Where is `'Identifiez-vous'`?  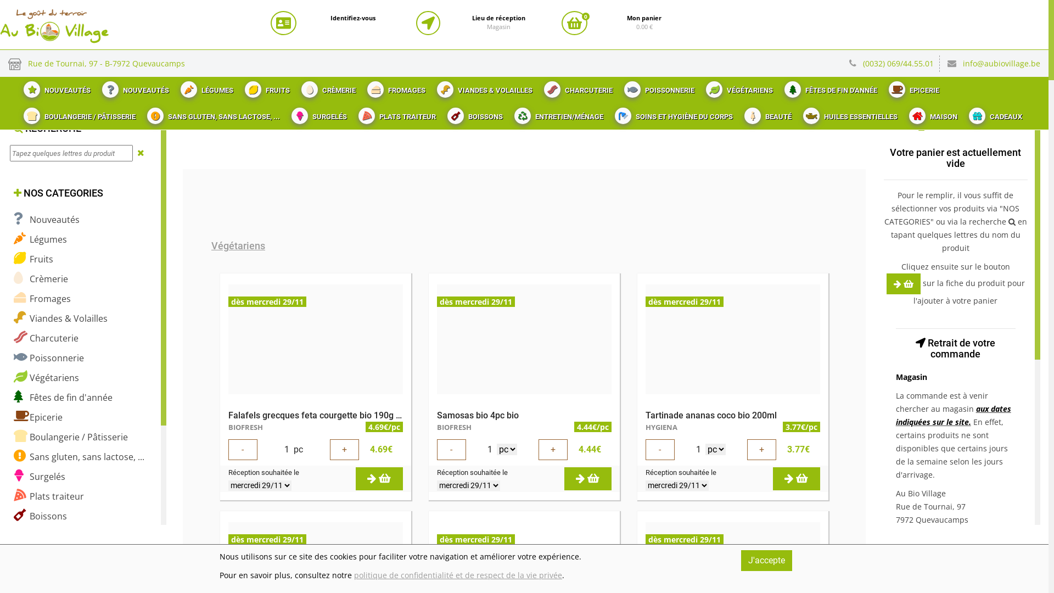 'Identifiez-vous' is located at coordinates (329, 18).